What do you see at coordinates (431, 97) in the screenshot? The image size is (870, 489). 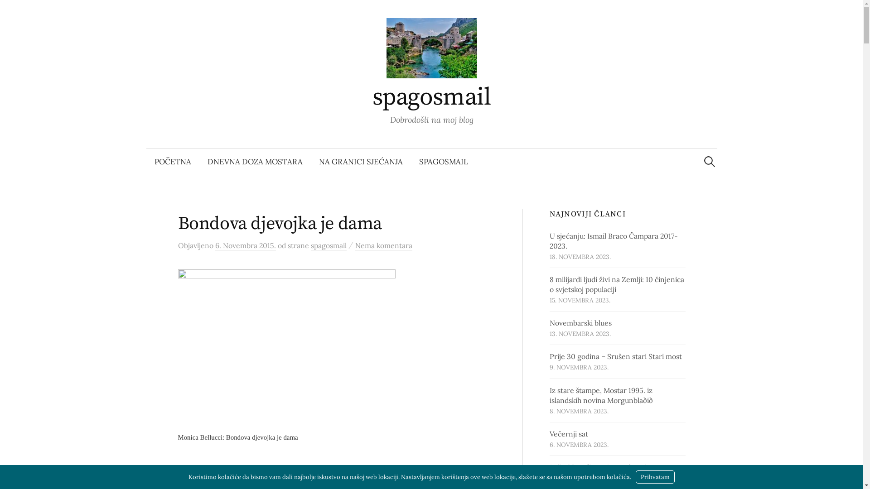 I see `'spagosmail'` at bounding box center [431, 97].